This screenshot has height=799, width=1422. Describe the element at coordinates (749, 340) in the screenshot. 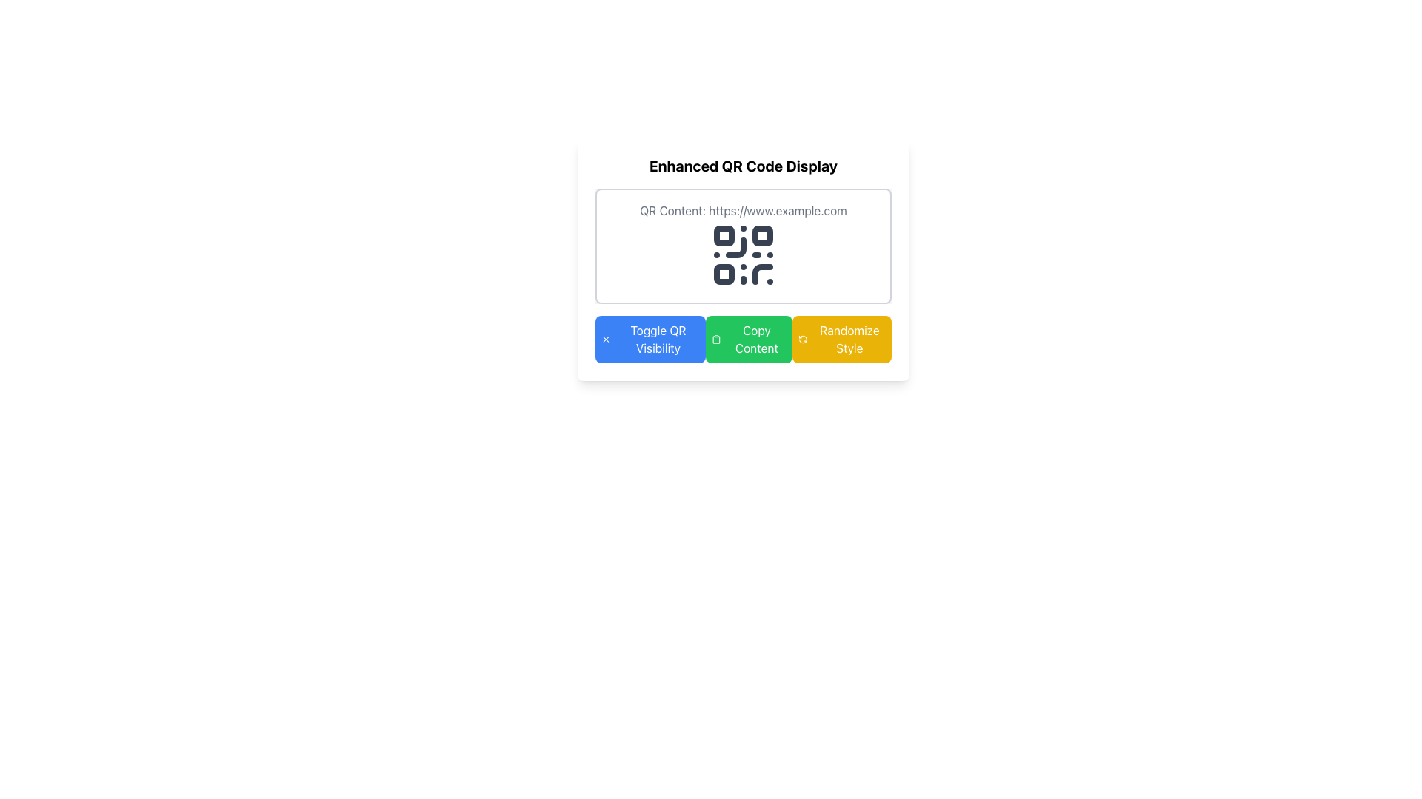

I see `the green button labeled 'Copy Content' with a clipboard icon` at that location.